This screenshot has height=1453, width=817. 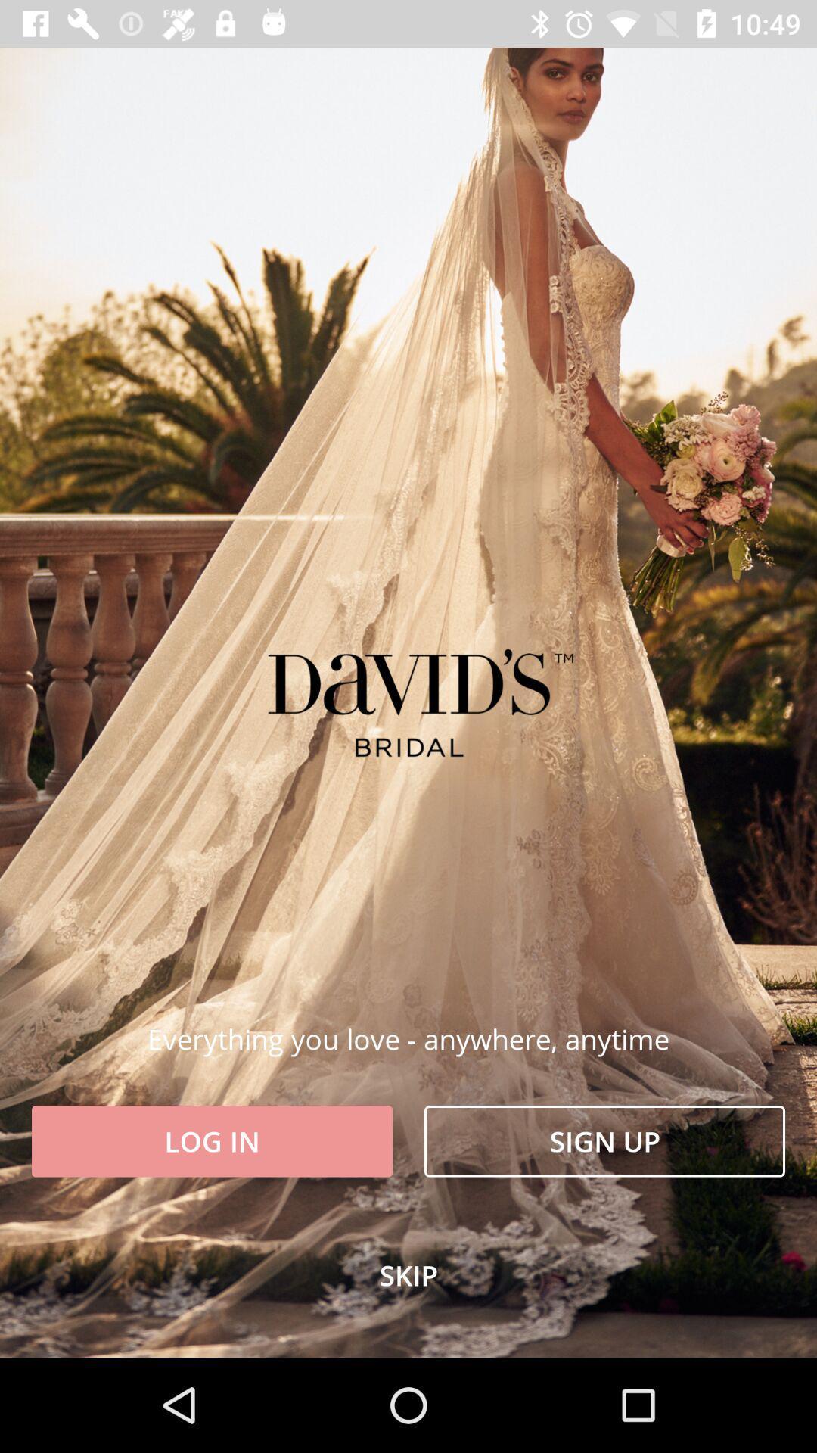 What do you see at coordinates (212, 1141) in the screenshot?
I see `log in at the bottom left corner` at bounding box center [212, 1141].